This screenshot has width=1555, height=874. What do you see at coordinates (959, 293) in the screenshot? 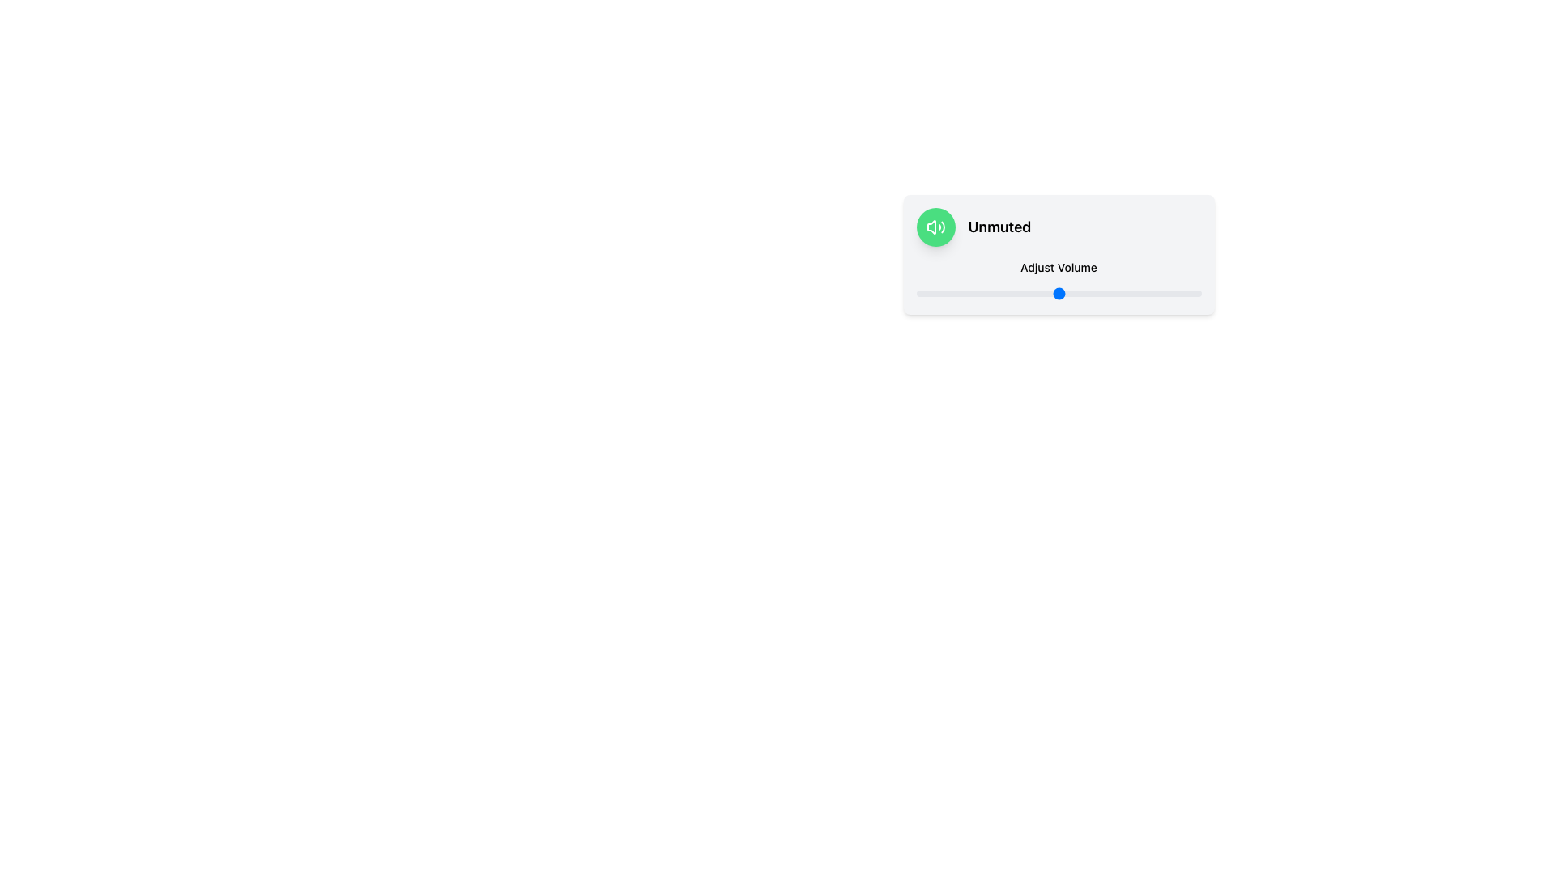
I see `the volume` at bounding box center [959, 293].